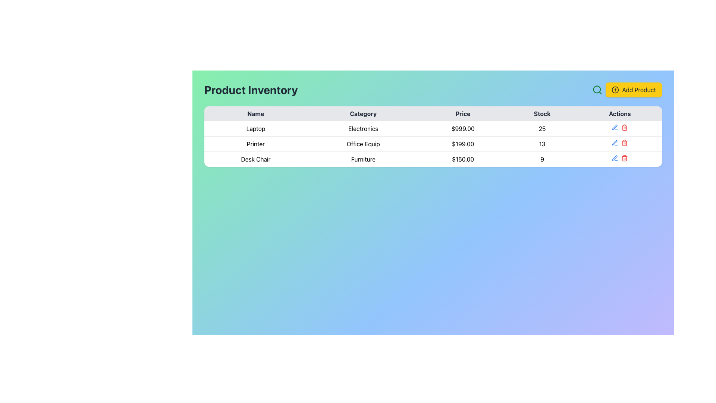  I want to click on the first data row in the 'Product Inventory' table which displays product details including name, category, price, stock, and action options, so click(433, 128).